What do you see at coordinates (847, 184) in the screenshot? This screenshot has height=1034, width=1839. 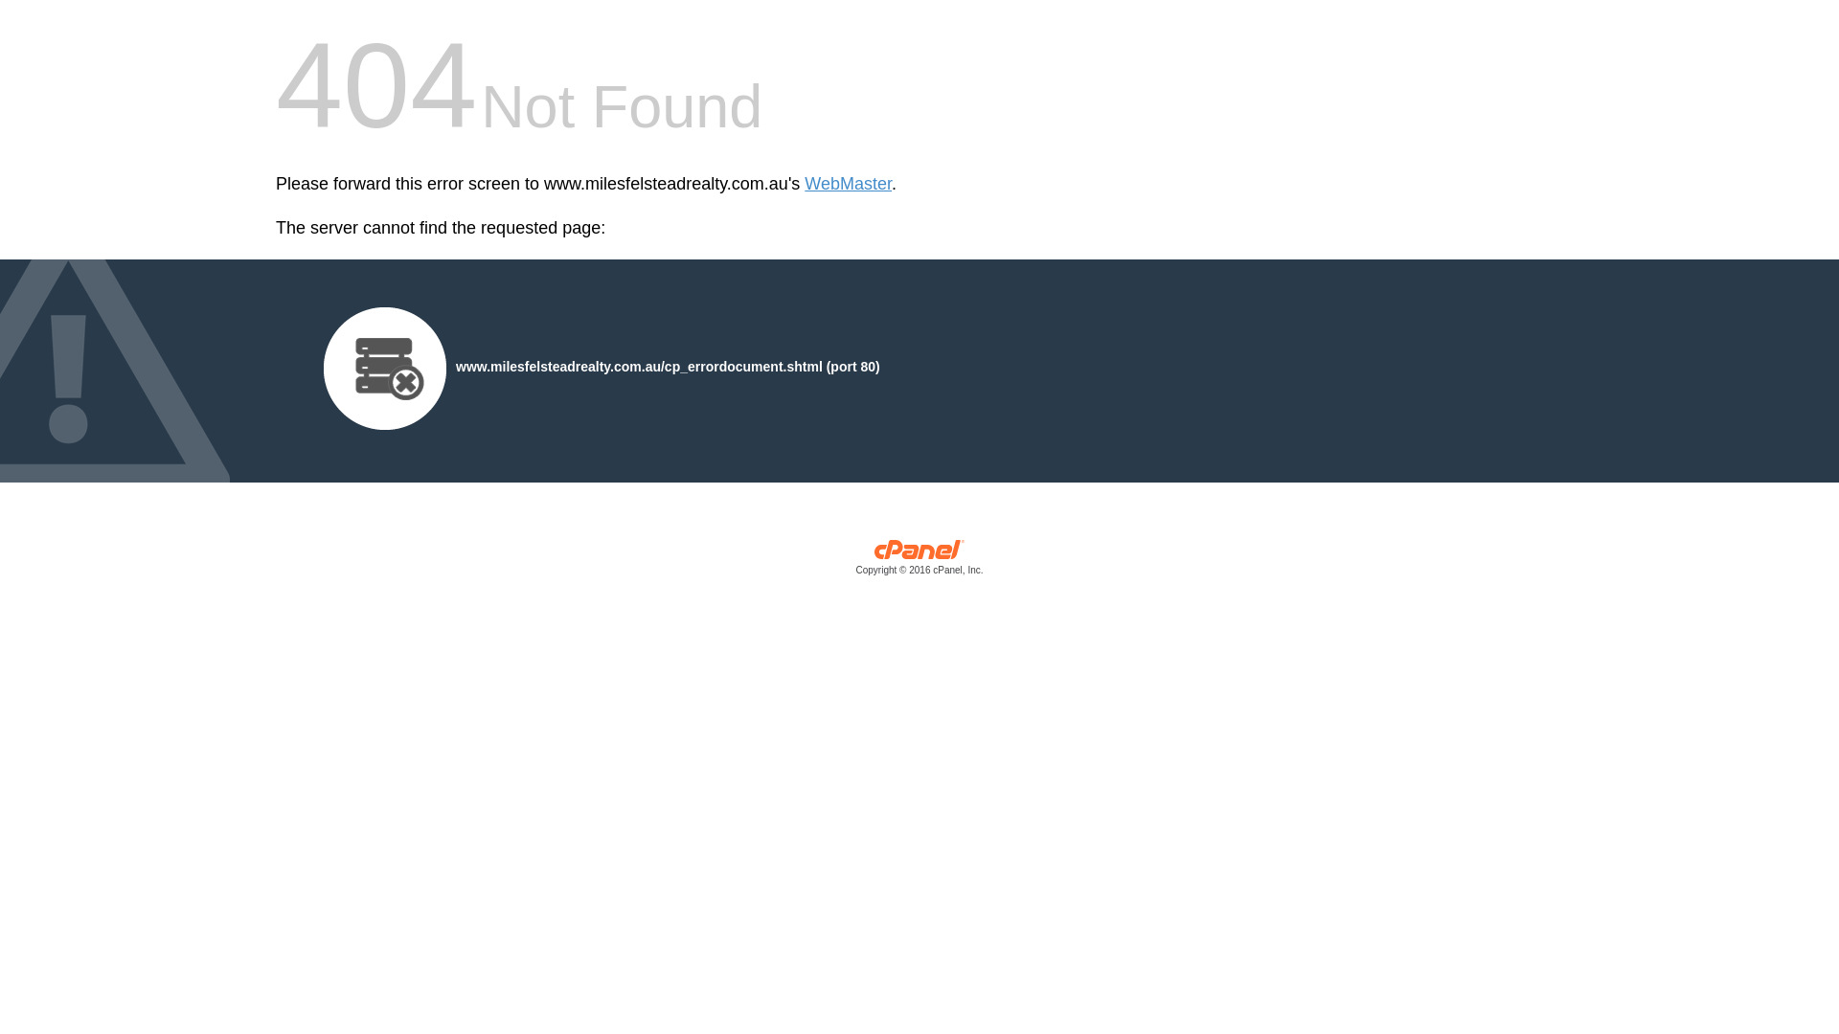 I see `'WebMaster'` at bounding box center [847, 184].